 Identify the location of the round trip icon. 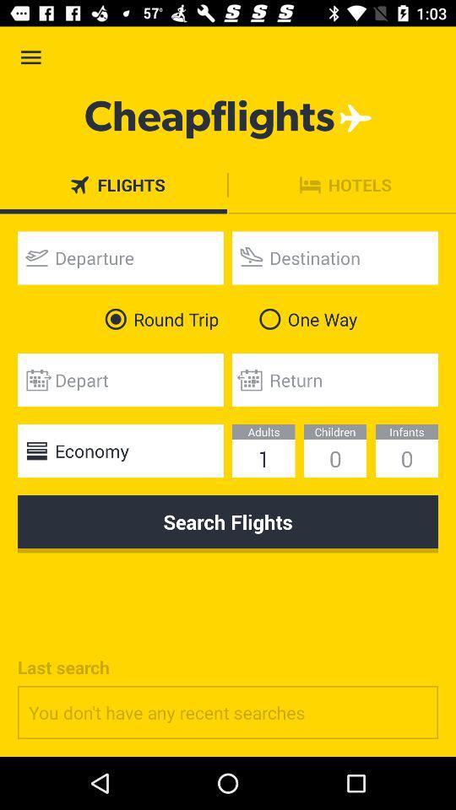
(158, 318).